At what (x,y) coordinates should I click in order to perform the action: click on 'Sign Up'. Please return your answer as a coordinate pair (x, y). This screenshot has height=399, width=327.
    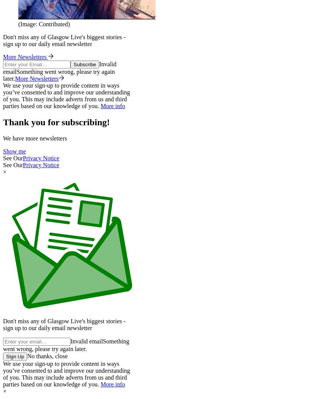
    Looking at the image, I should click on (15, 356).